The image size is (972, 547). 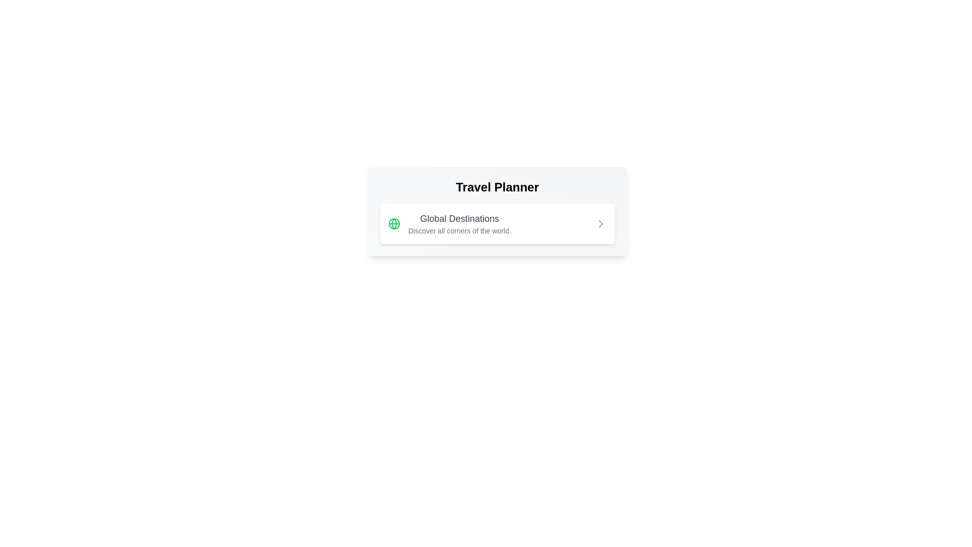 What do you see at coordinates (600, 223) in the screenshot?
I see `the right-pointing chevron icon, which is styled with a stroke and gray color, located at the far right corner of the 'Global Destinations' card, aligned horizontally to the text content and vertically centered` at bounding box center [600, 223].